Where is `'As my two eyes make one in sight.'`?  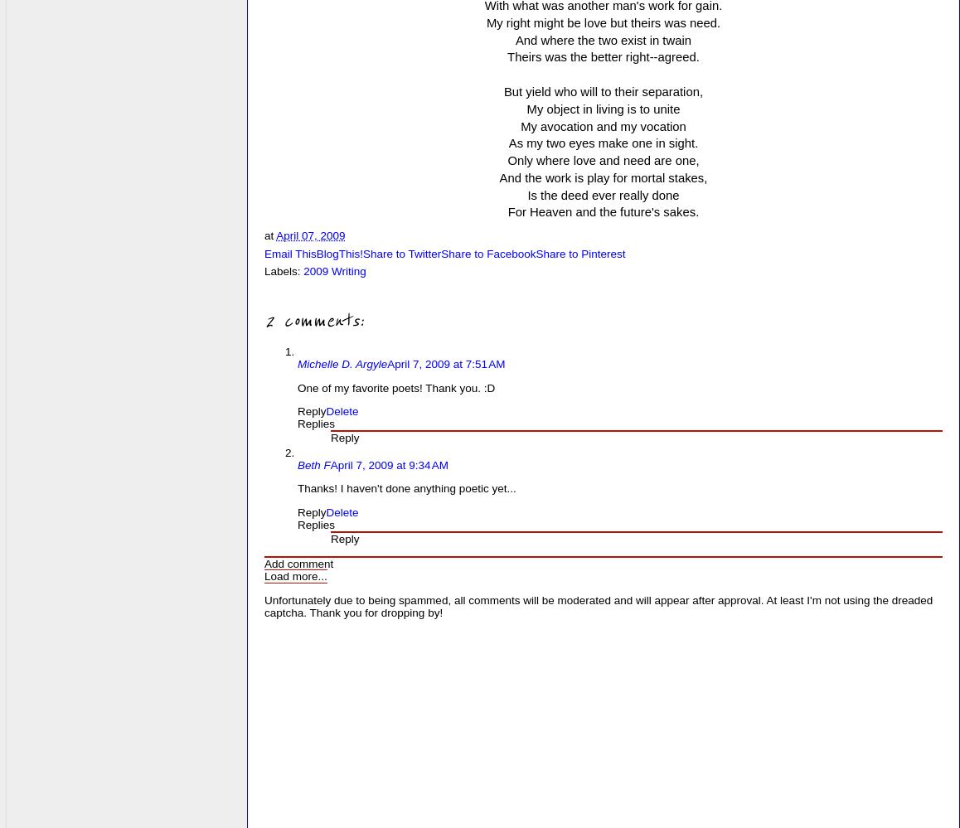 'As my two eyes make one in sight.' is located at coordinates (602, 143).